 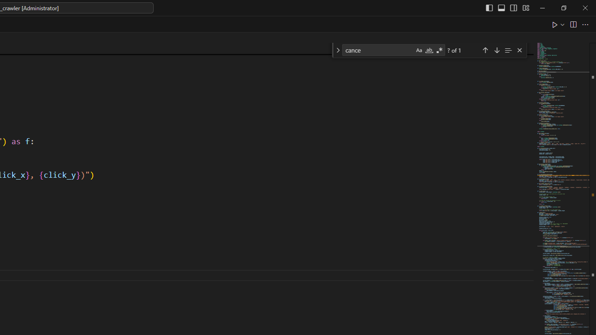 I want to click on 'Match Case (Alt+C)', so click(x=418, y=50).